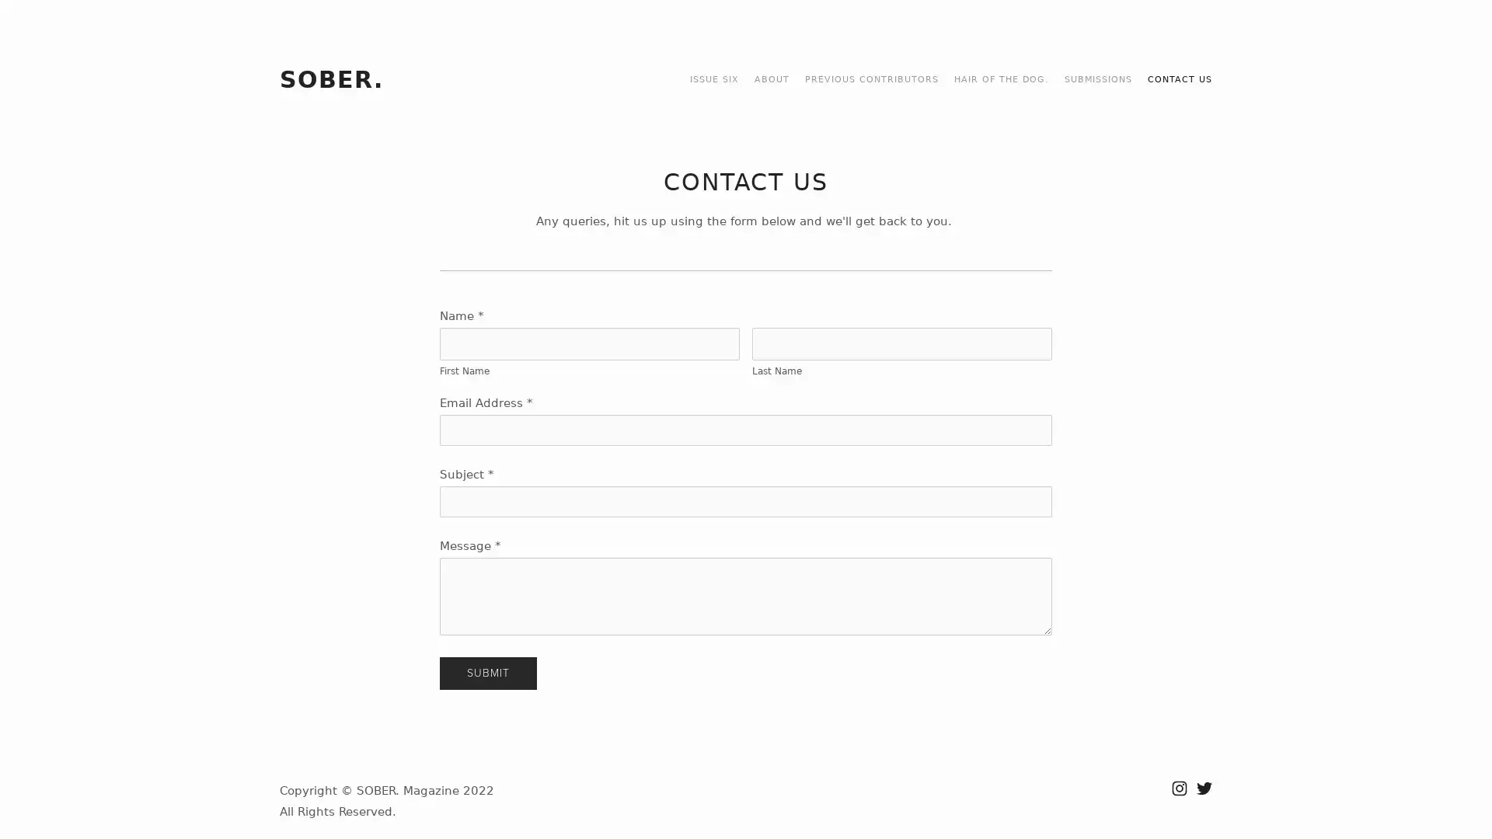 The image size is (1492, 839). What do you see at coordinates (486, 673) in the screenshot?
I see `Submit` at bounding box center [486, 673].